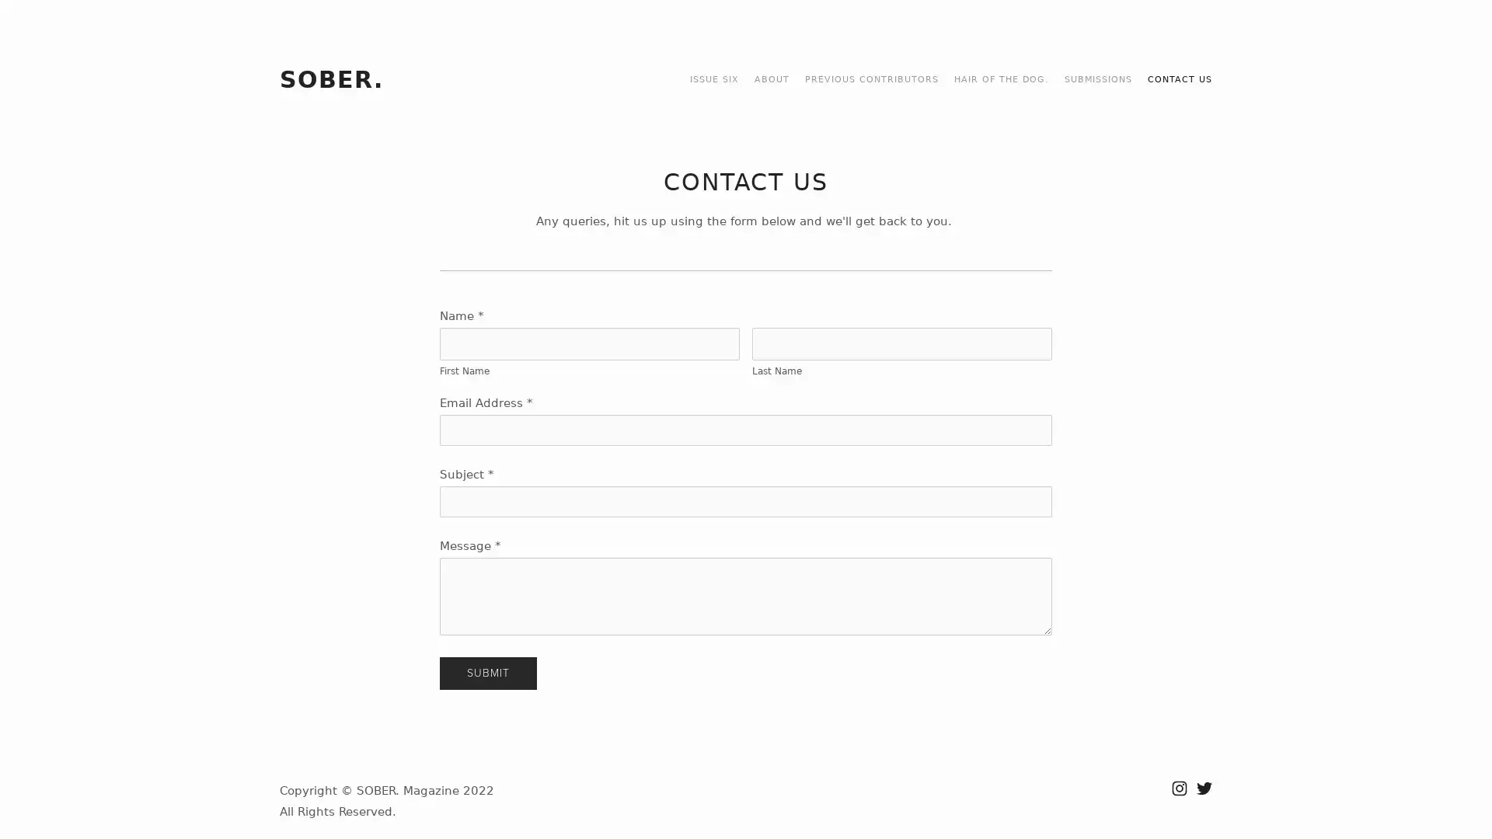 The image size is (1492, 839). What do you see at coordinates (486, 673) in the screenshot?
I see `Submit` at bounding box center [486, 673].